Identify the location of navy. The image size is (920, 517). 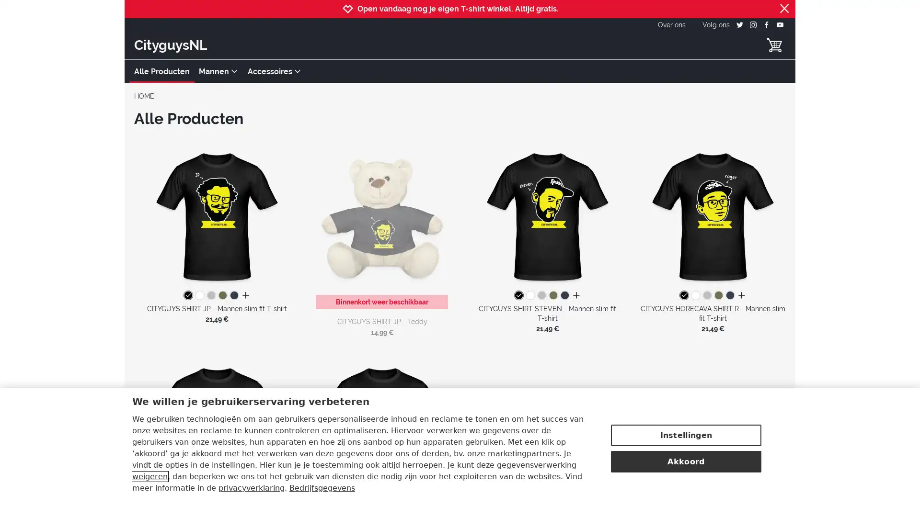
(729, 295).